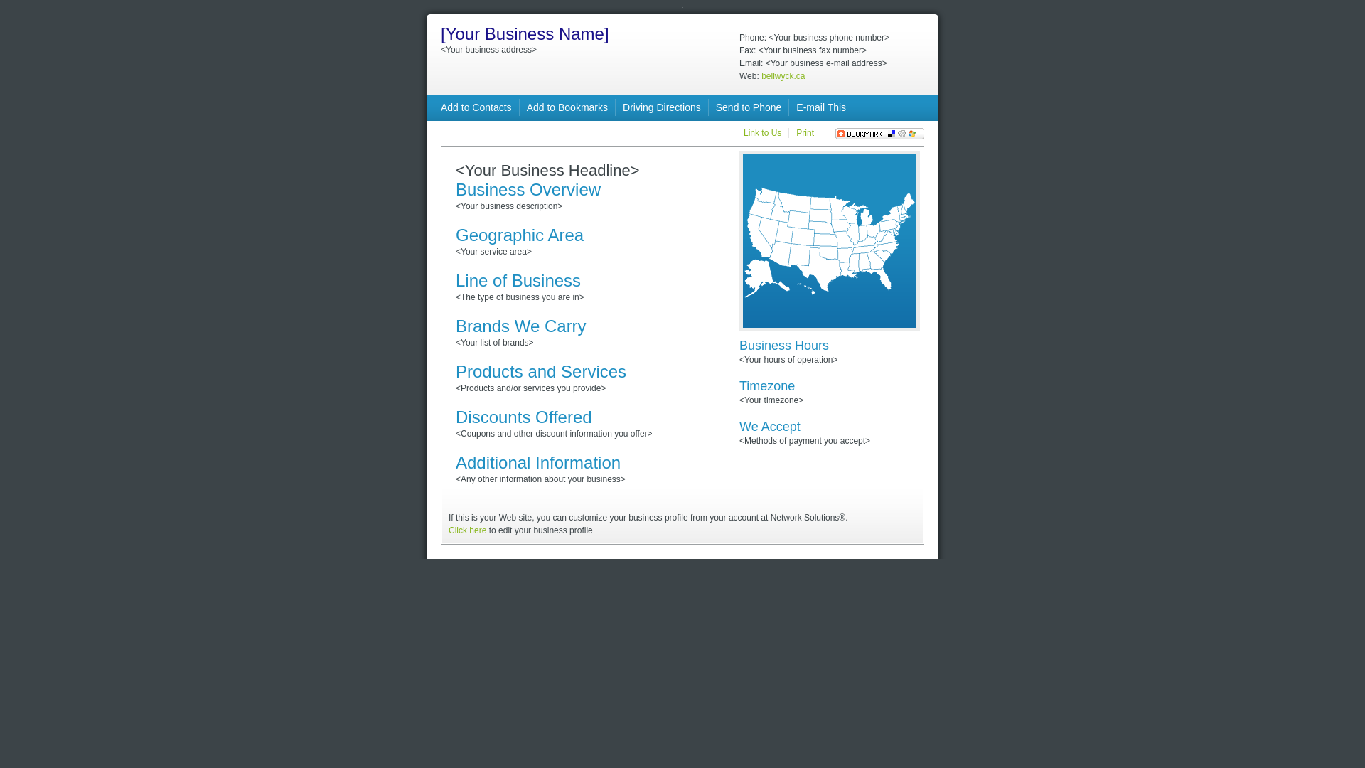  Describe the element at coordinates (760, 76) in the screenshot. I see `'bellwyck.ca'` at that location.